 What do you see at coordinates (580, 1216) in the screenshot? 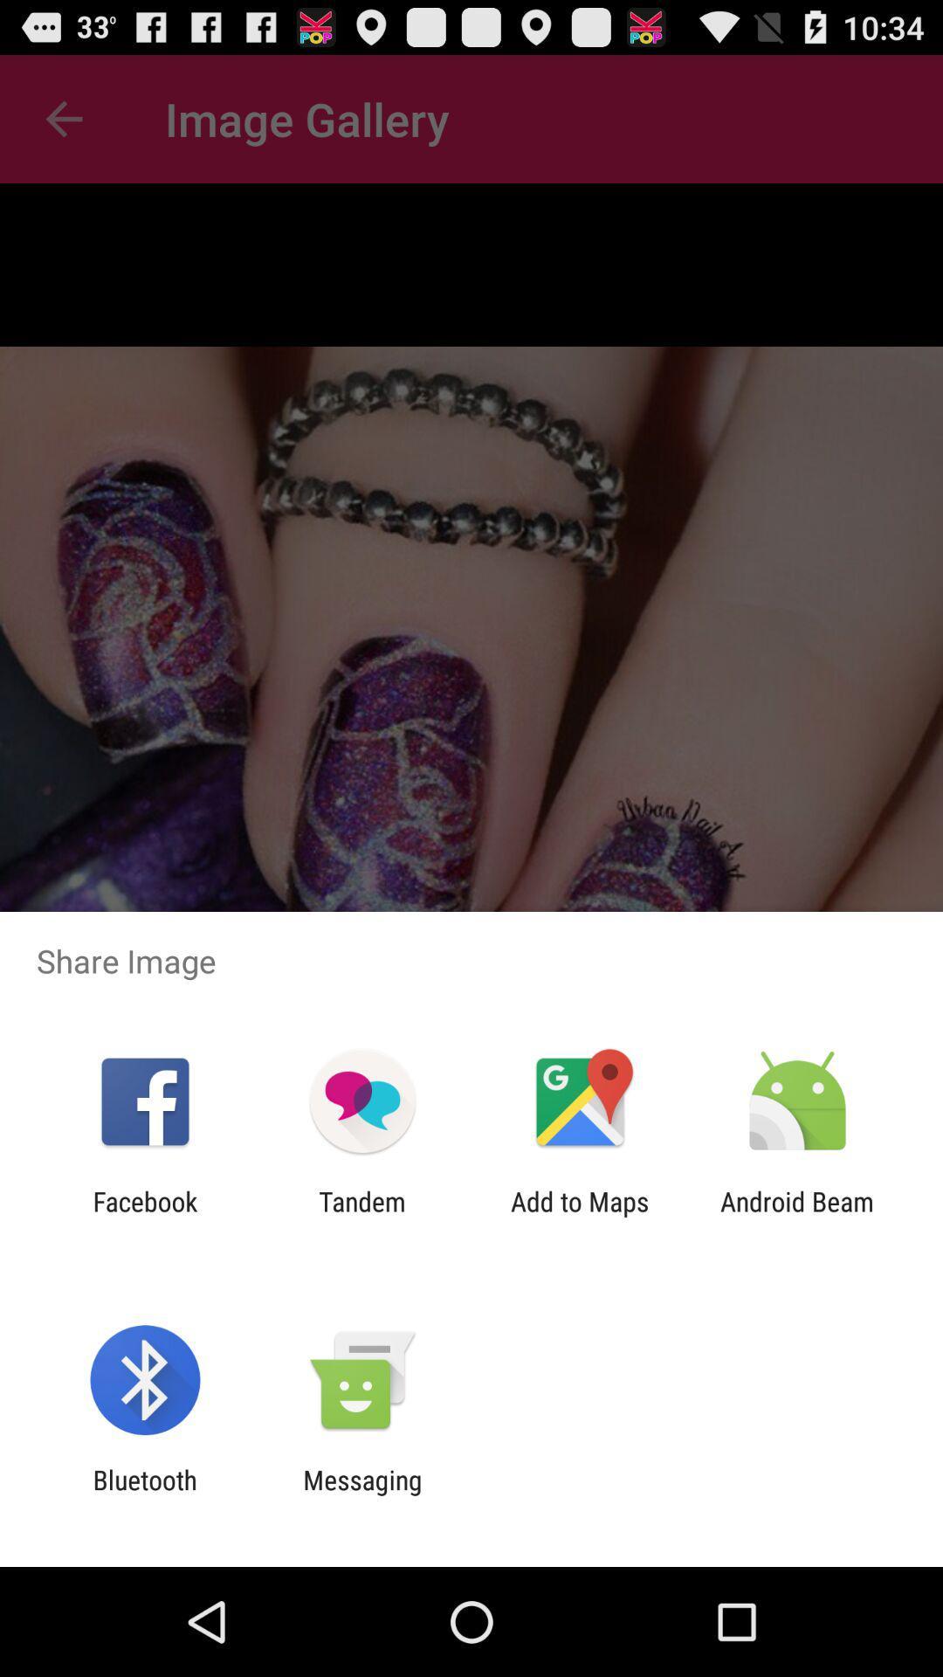
I see `app to the left of the android beam app` at bounding box center [580, 1216].